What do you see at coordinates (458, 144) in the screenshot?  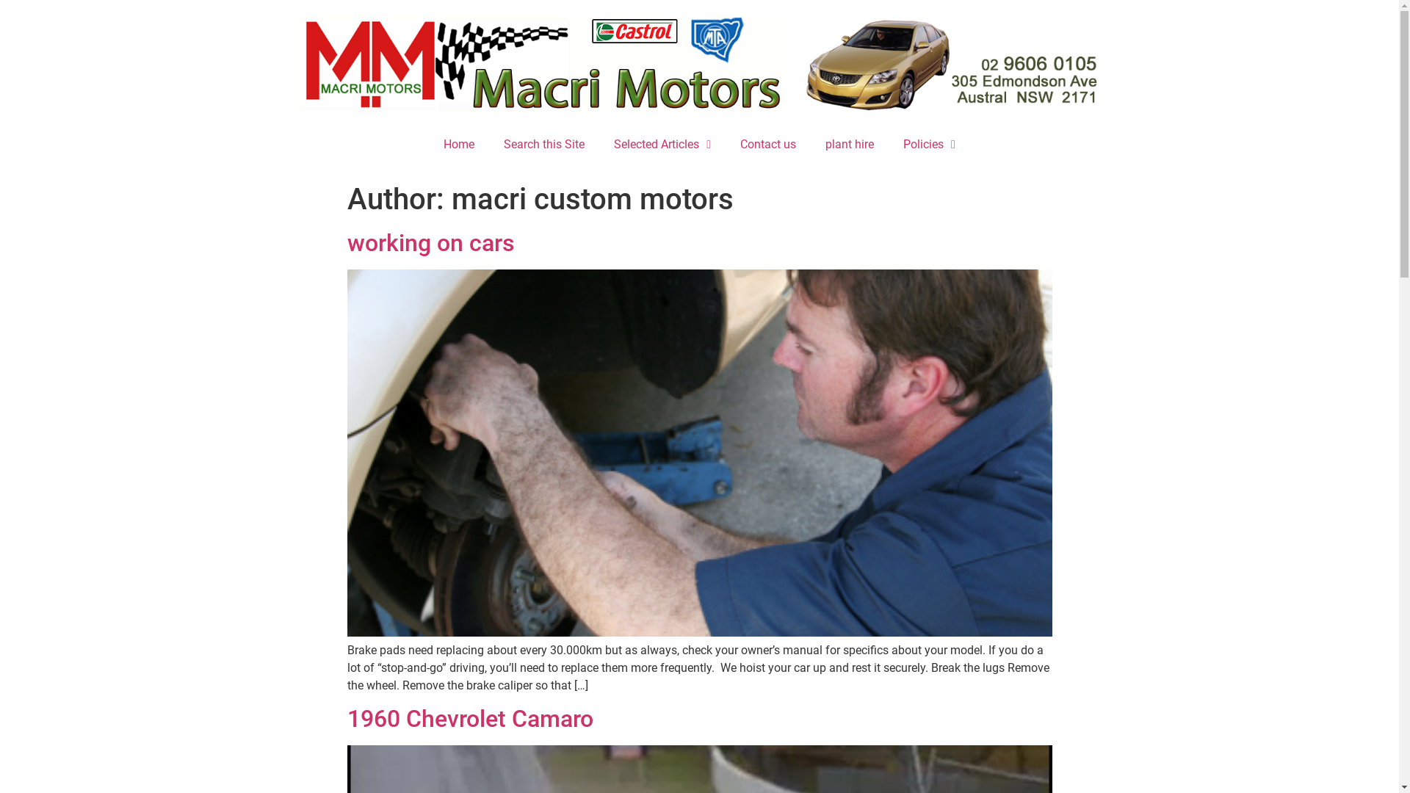 I see `'Home'` at bounding box center [458, 144].